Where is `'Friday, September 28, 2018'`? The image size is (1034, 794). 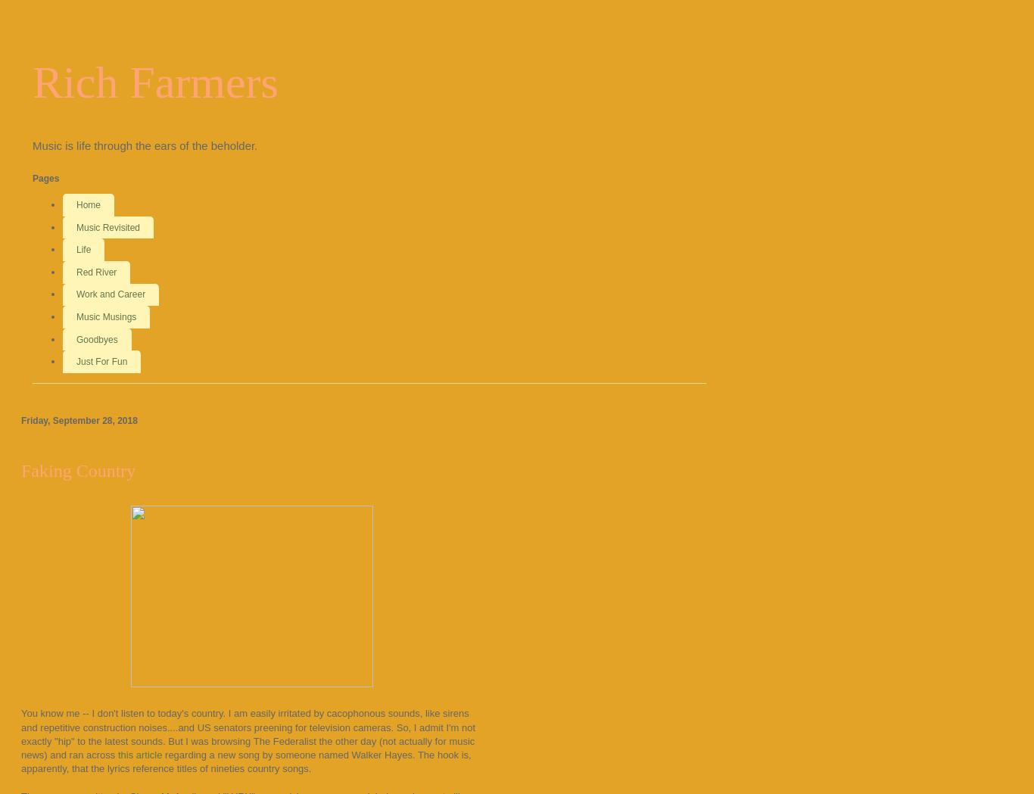
'Friday, September 28, 2018' is located at coordinates (79, 420).